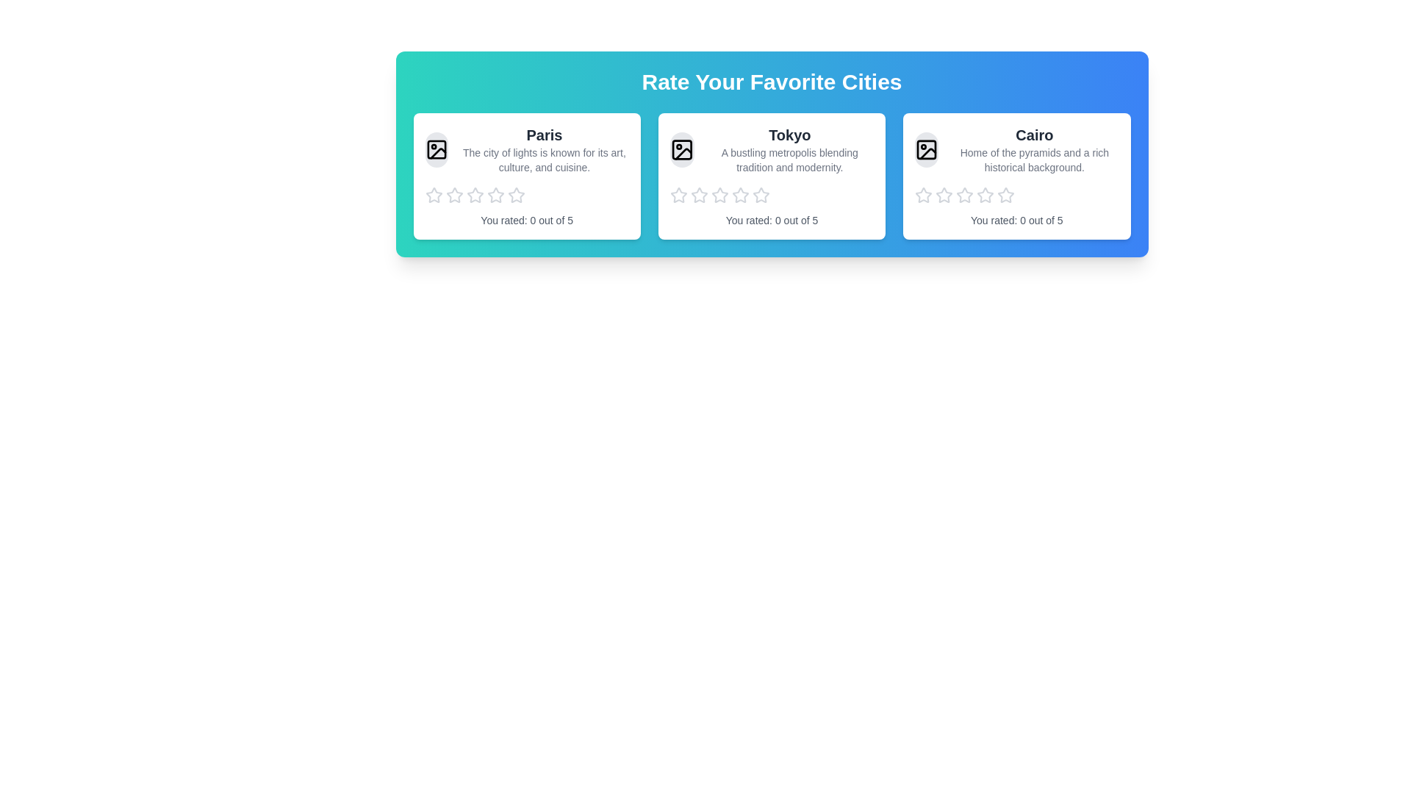  Describe the element at coordinates (789, 160) in the screenshot. I see `text label providing context for the city 'Tokyo', which is located in the middle card of three horizontal cards, directly below the city name and above the rating stars` at that location.